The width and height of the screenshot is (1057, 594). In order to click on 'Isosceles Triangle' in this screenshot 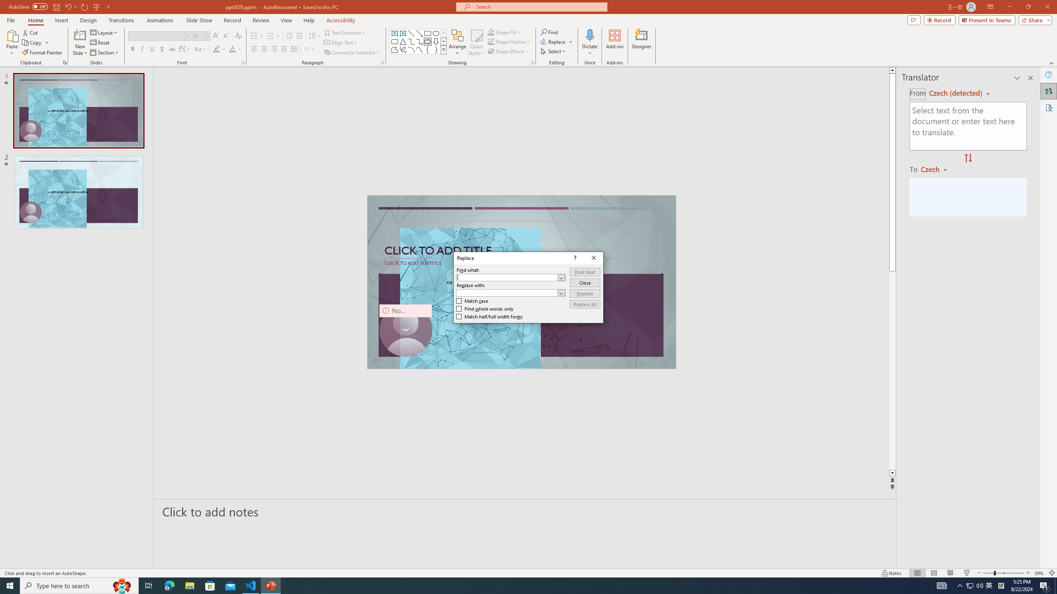, I will do `click(402, 41)`.